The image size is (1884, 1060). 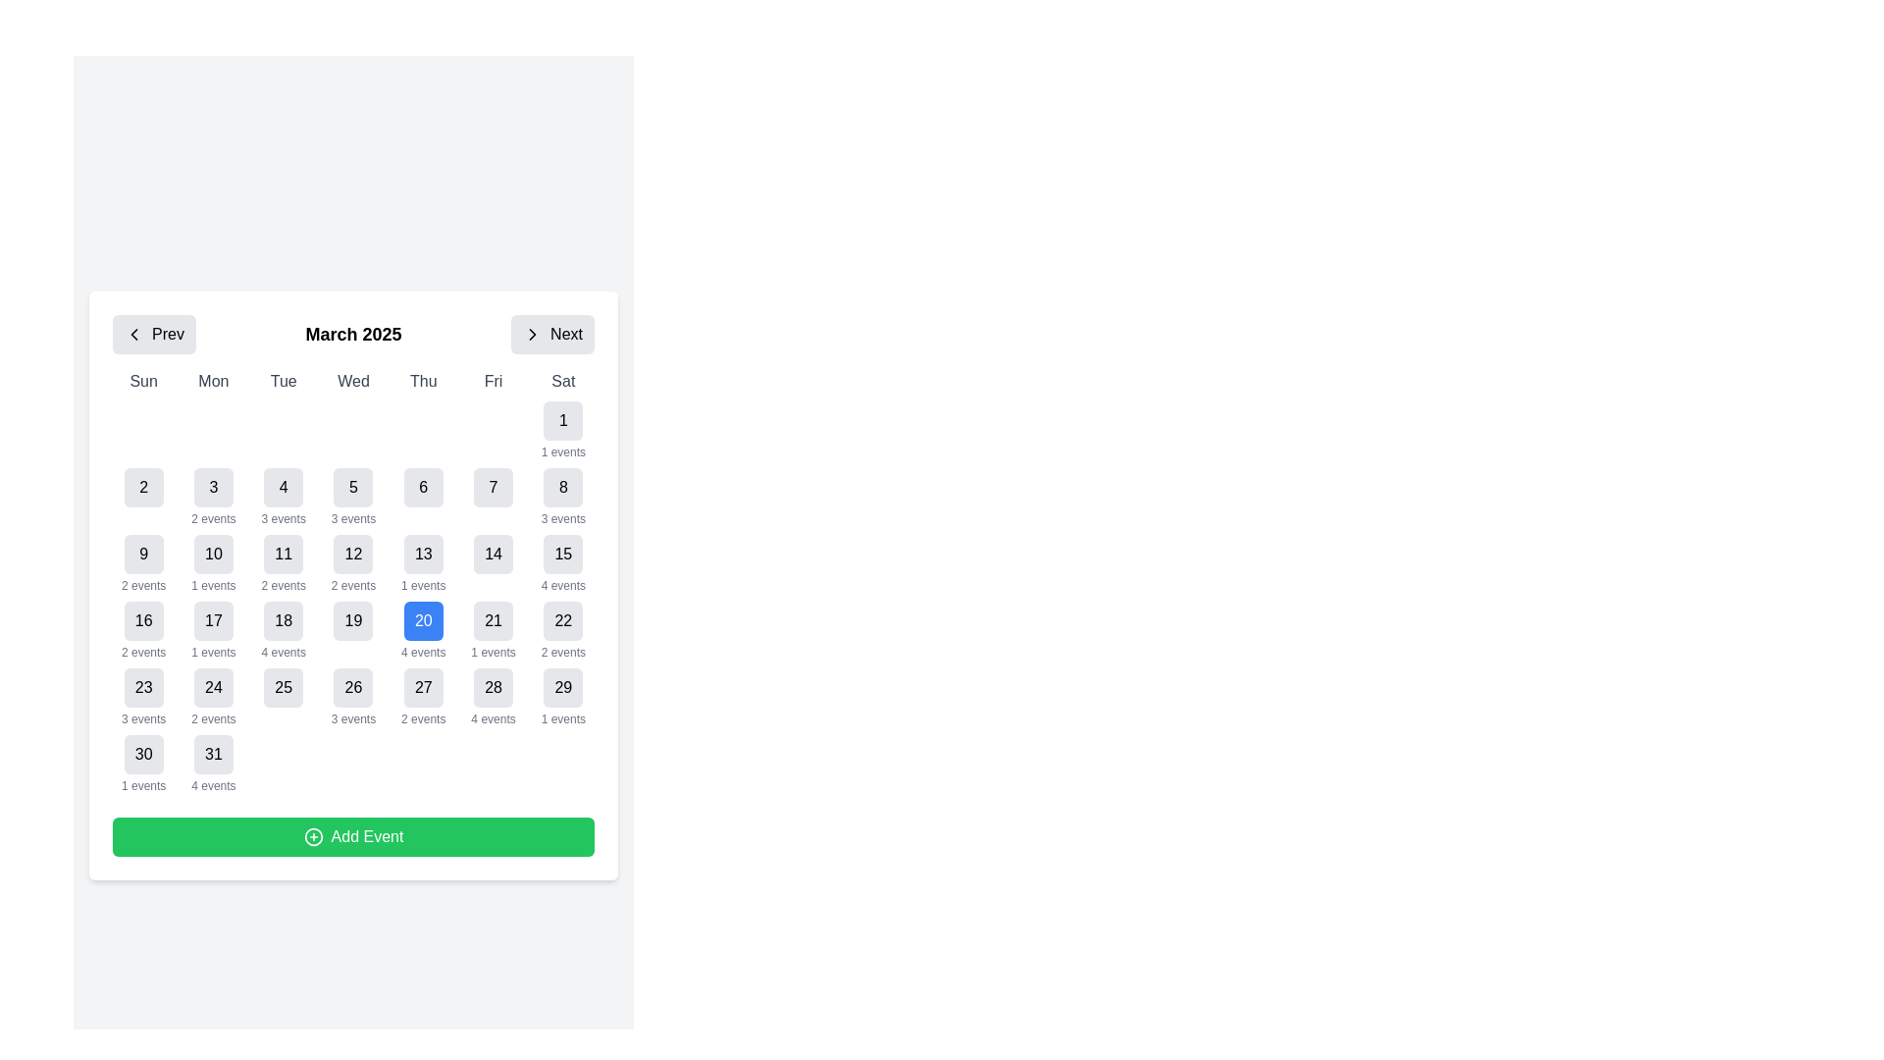 What do you see at coordinates (283, 496) in the screenshot?
I see `the calendar date cell located under the 'Tue' header, which is the third cell in the second row` at bounding box center [283, 496].